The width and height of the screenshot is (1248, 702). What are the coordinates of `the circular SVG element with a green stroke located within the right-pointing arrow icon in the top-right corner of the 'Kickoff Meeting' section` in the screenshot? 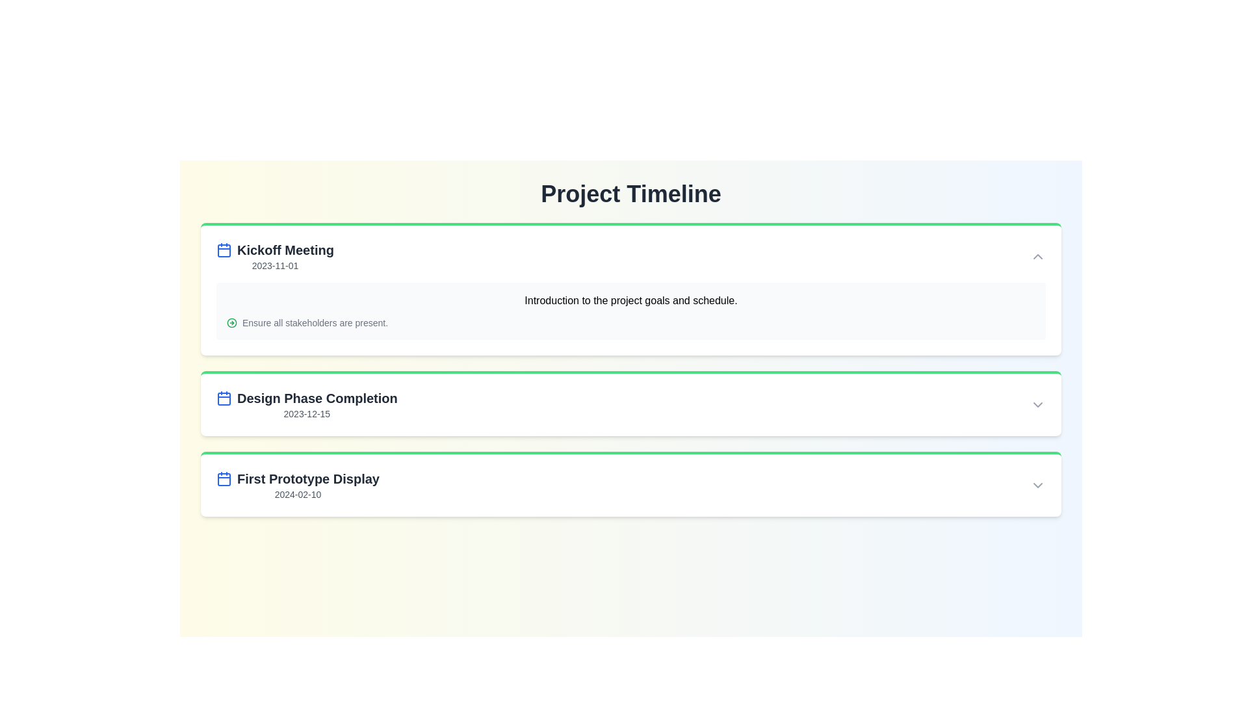 It's located at (231, 322).